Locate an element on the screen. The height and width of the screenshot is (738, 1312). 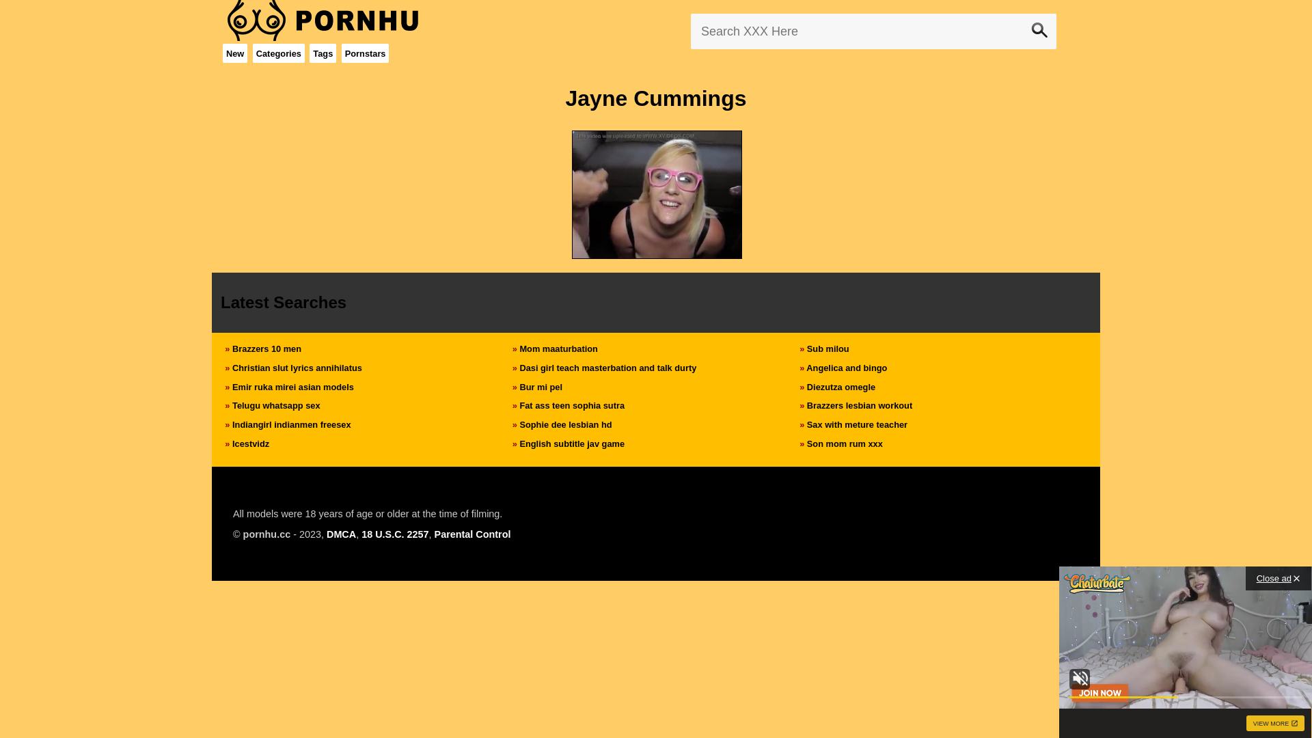
'18 U.S.C. 2257' is located at coordinates (394, 534).